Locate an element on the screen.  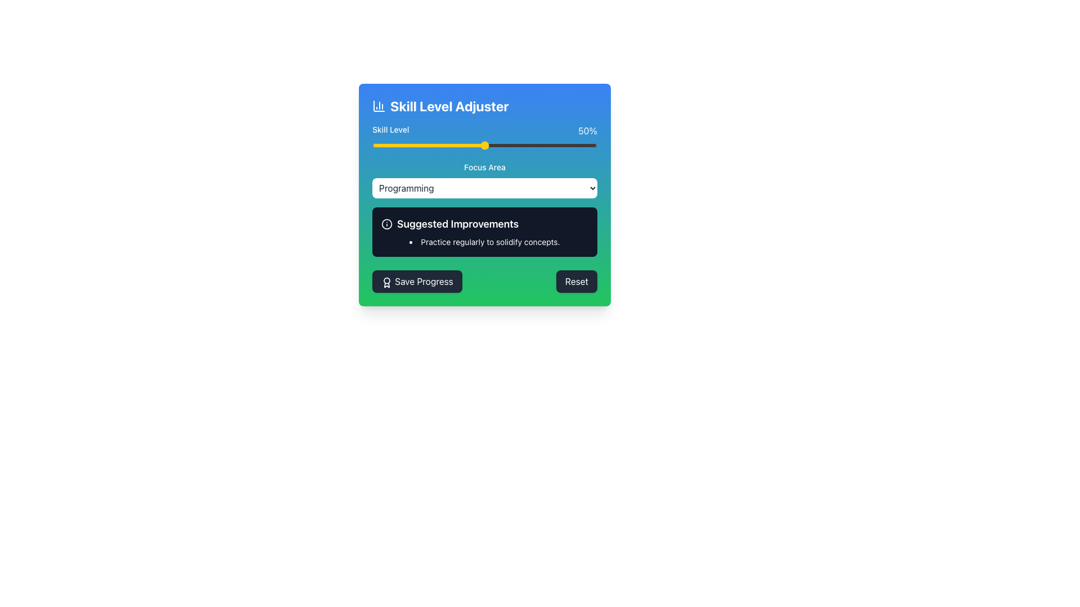
the skill level is located at coordinates (515, 144).